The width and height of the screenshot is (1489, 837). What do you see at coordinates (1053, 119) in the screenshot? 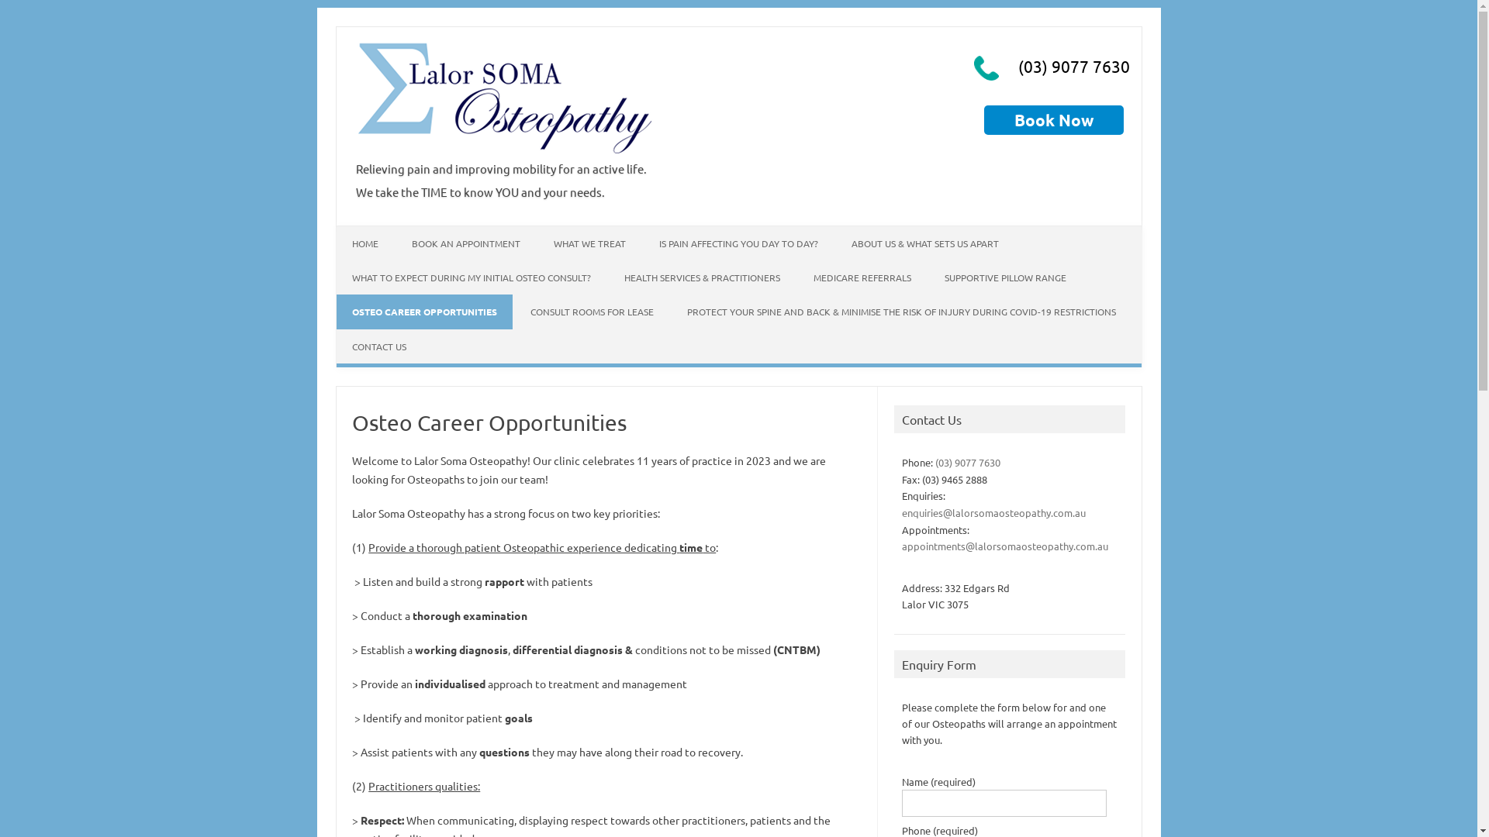
I see `'Book Now'` at bounding box center [1053, 119].